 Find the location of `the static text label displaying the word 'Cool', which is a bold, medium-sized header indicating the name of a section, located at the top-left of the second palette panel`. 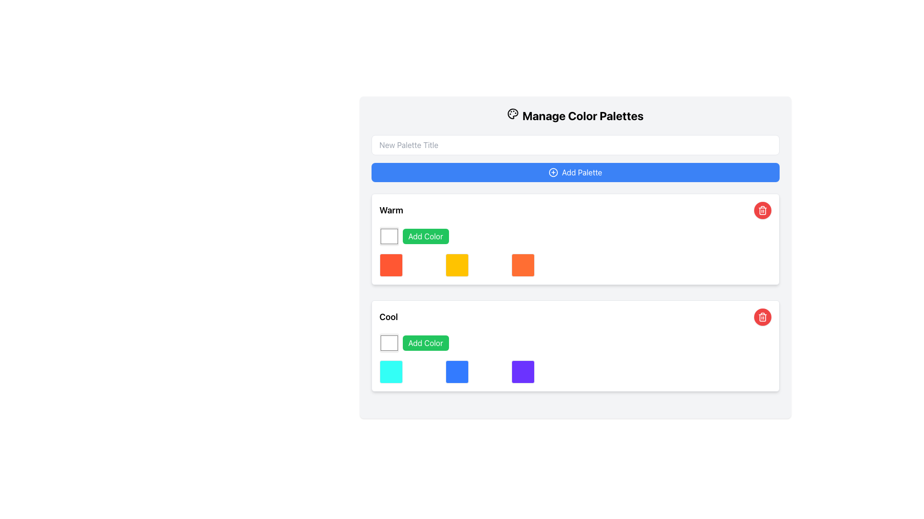

the static text label displaying the word 'Cool', which is a bold, medium-sized header indicating the name of a section, located at the top-left of the second palette panel is located at coordinates (388, 317).